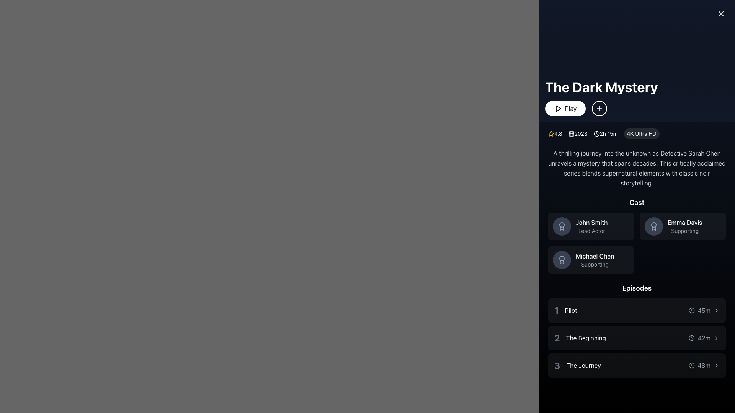 The height and width of the screenshot is (413, 735). I want to click on the numeral '1' text label styled in bold gray font, which is positioned to the left of the text 'Pilot' in the episode listing under 'Episodes', so click(556, 311).